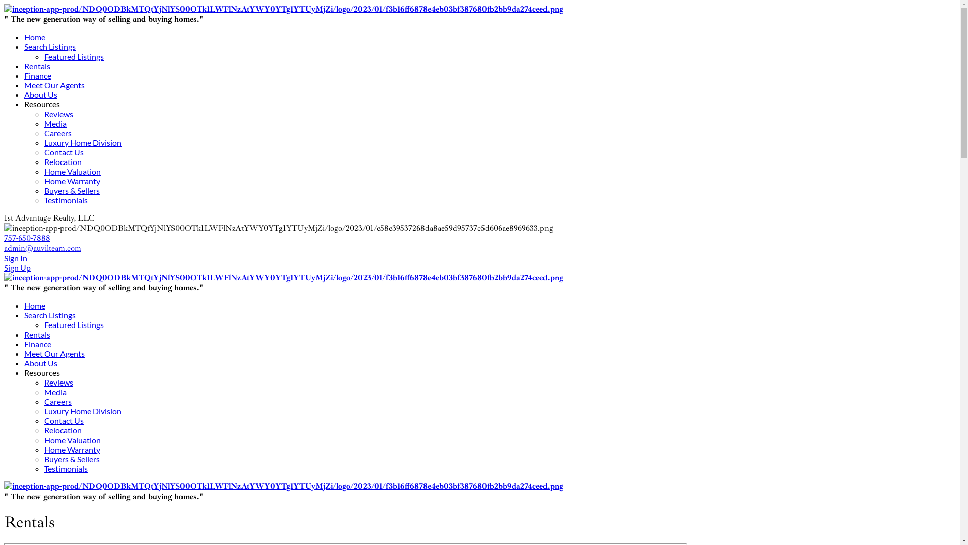 The height and width of the screenshot is (545, 968). What do you see at coordinates (62, 430) in the screenshot?
I see `'Relocation'` at bounding box center [62, 430].